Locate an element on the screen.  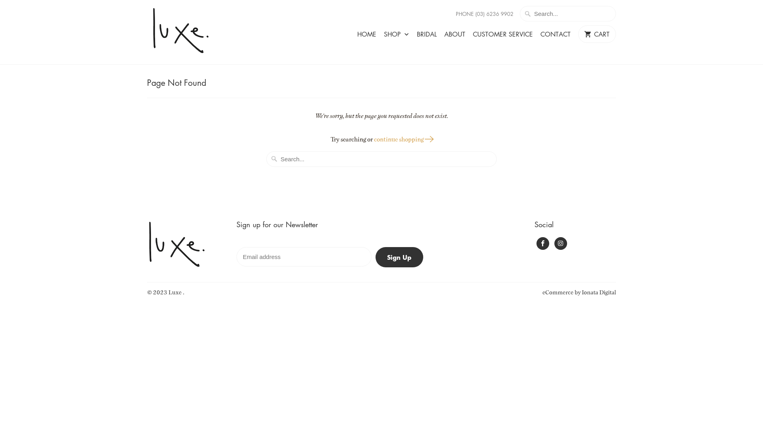
'Luxe  on Facebook' is located at coordinates (542, 243).